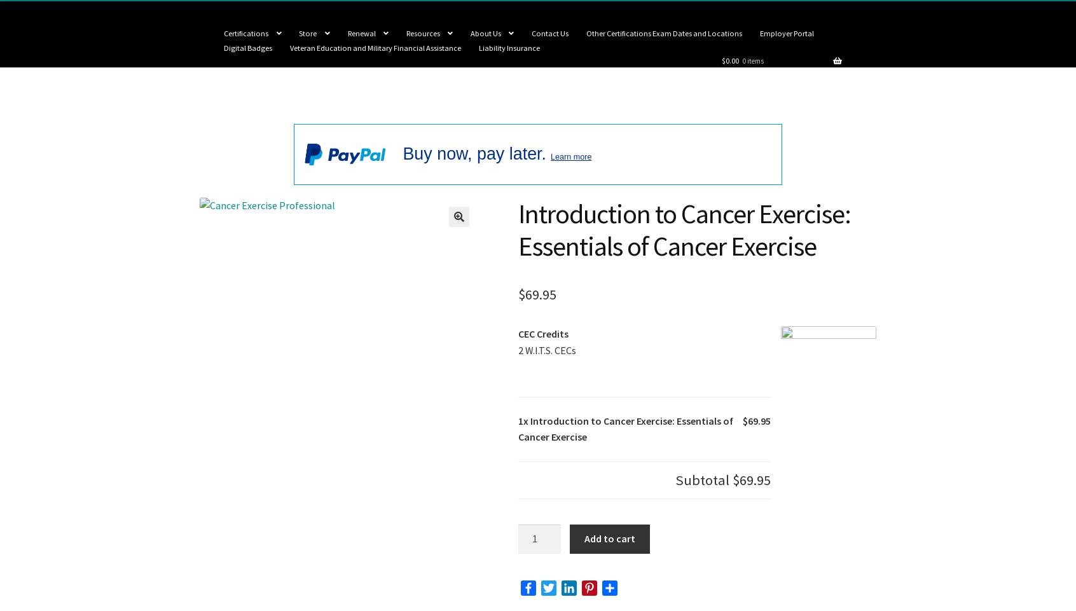  Describe the element at coordinates (724, 60) in the screenshot. I see `'0.00'` at that location.